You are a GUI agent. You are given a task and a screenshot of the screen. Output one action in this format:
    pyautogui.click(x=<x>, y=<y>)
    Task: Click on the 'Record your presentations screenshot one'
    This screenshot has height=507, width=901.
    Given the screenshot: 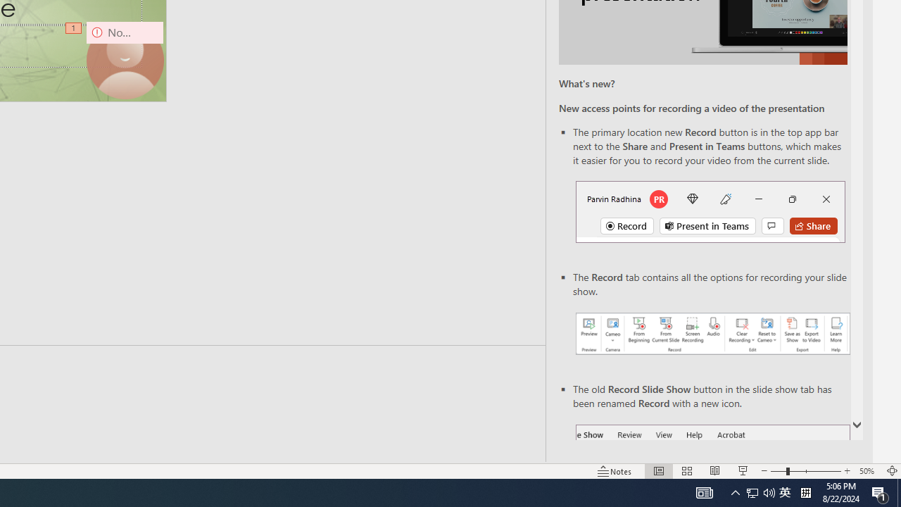 What is the action you would take?
    pyautogui.click(x=713, y=334)
    